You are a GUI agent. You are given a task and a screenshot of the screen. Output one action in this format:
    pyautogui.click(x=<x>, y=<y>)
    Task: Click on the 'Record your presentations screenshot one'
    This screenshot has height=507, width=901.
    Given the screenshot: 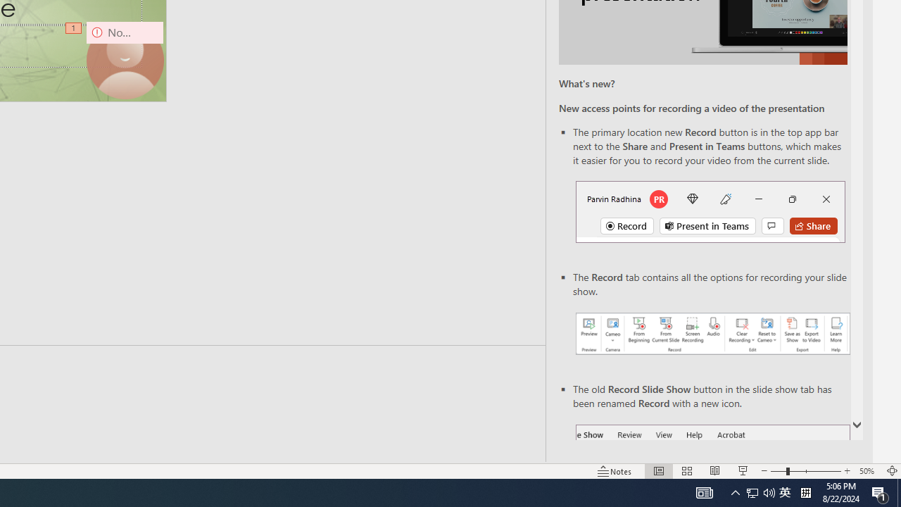 What is the action you would take?
    pyautogui.click(x=713, y=334)
    